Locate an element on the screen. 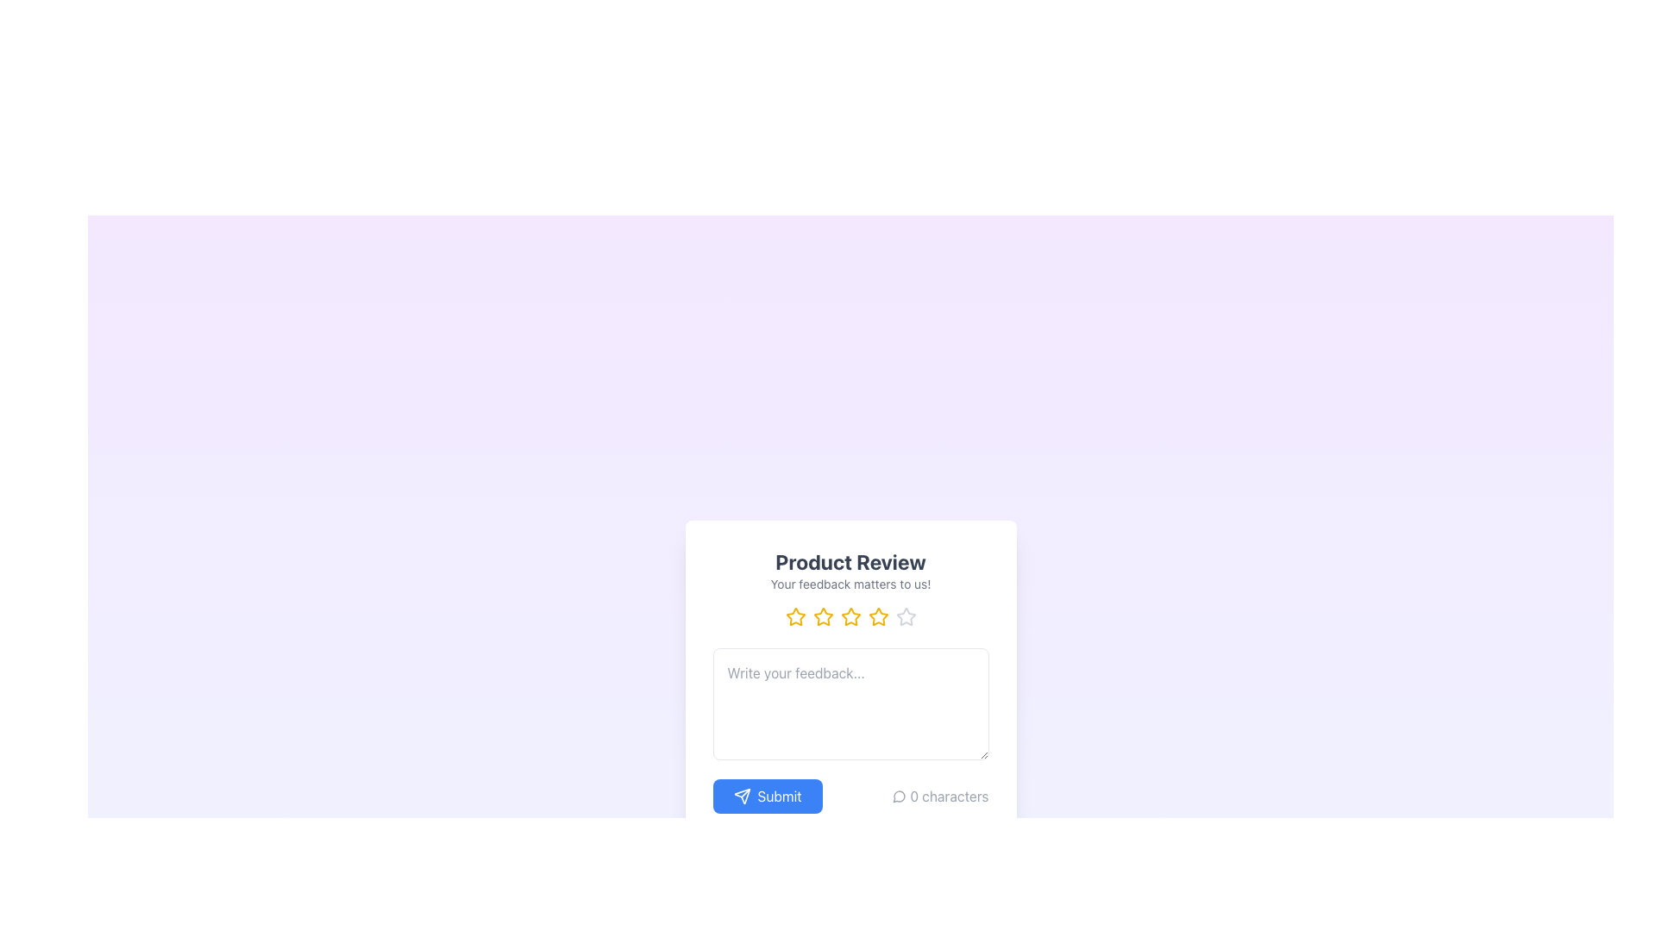  the blue 'Submit' button which contains a small upward arrow SVG icon positioned to the left of the text 'Submit' is located at coordinates (742, 797).